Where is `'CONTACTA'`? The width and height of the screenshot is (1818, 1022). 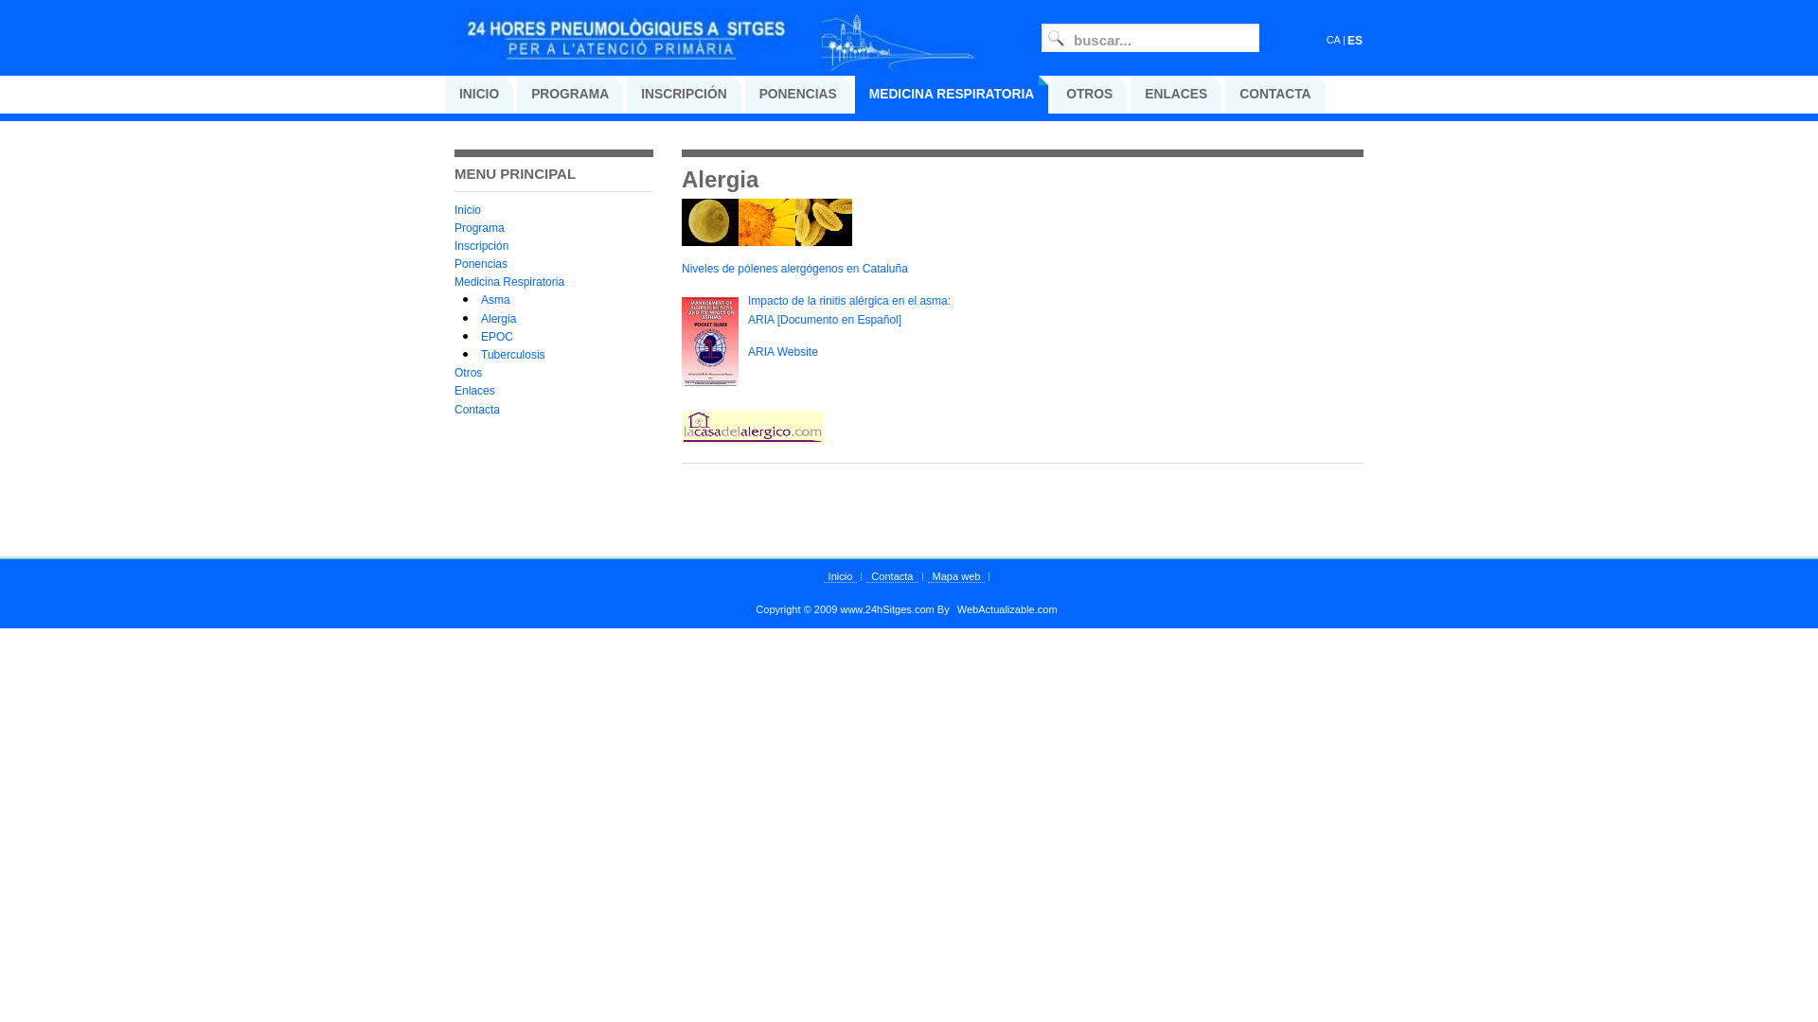
'CONTACTA' is located at coordinates (1225, 95).